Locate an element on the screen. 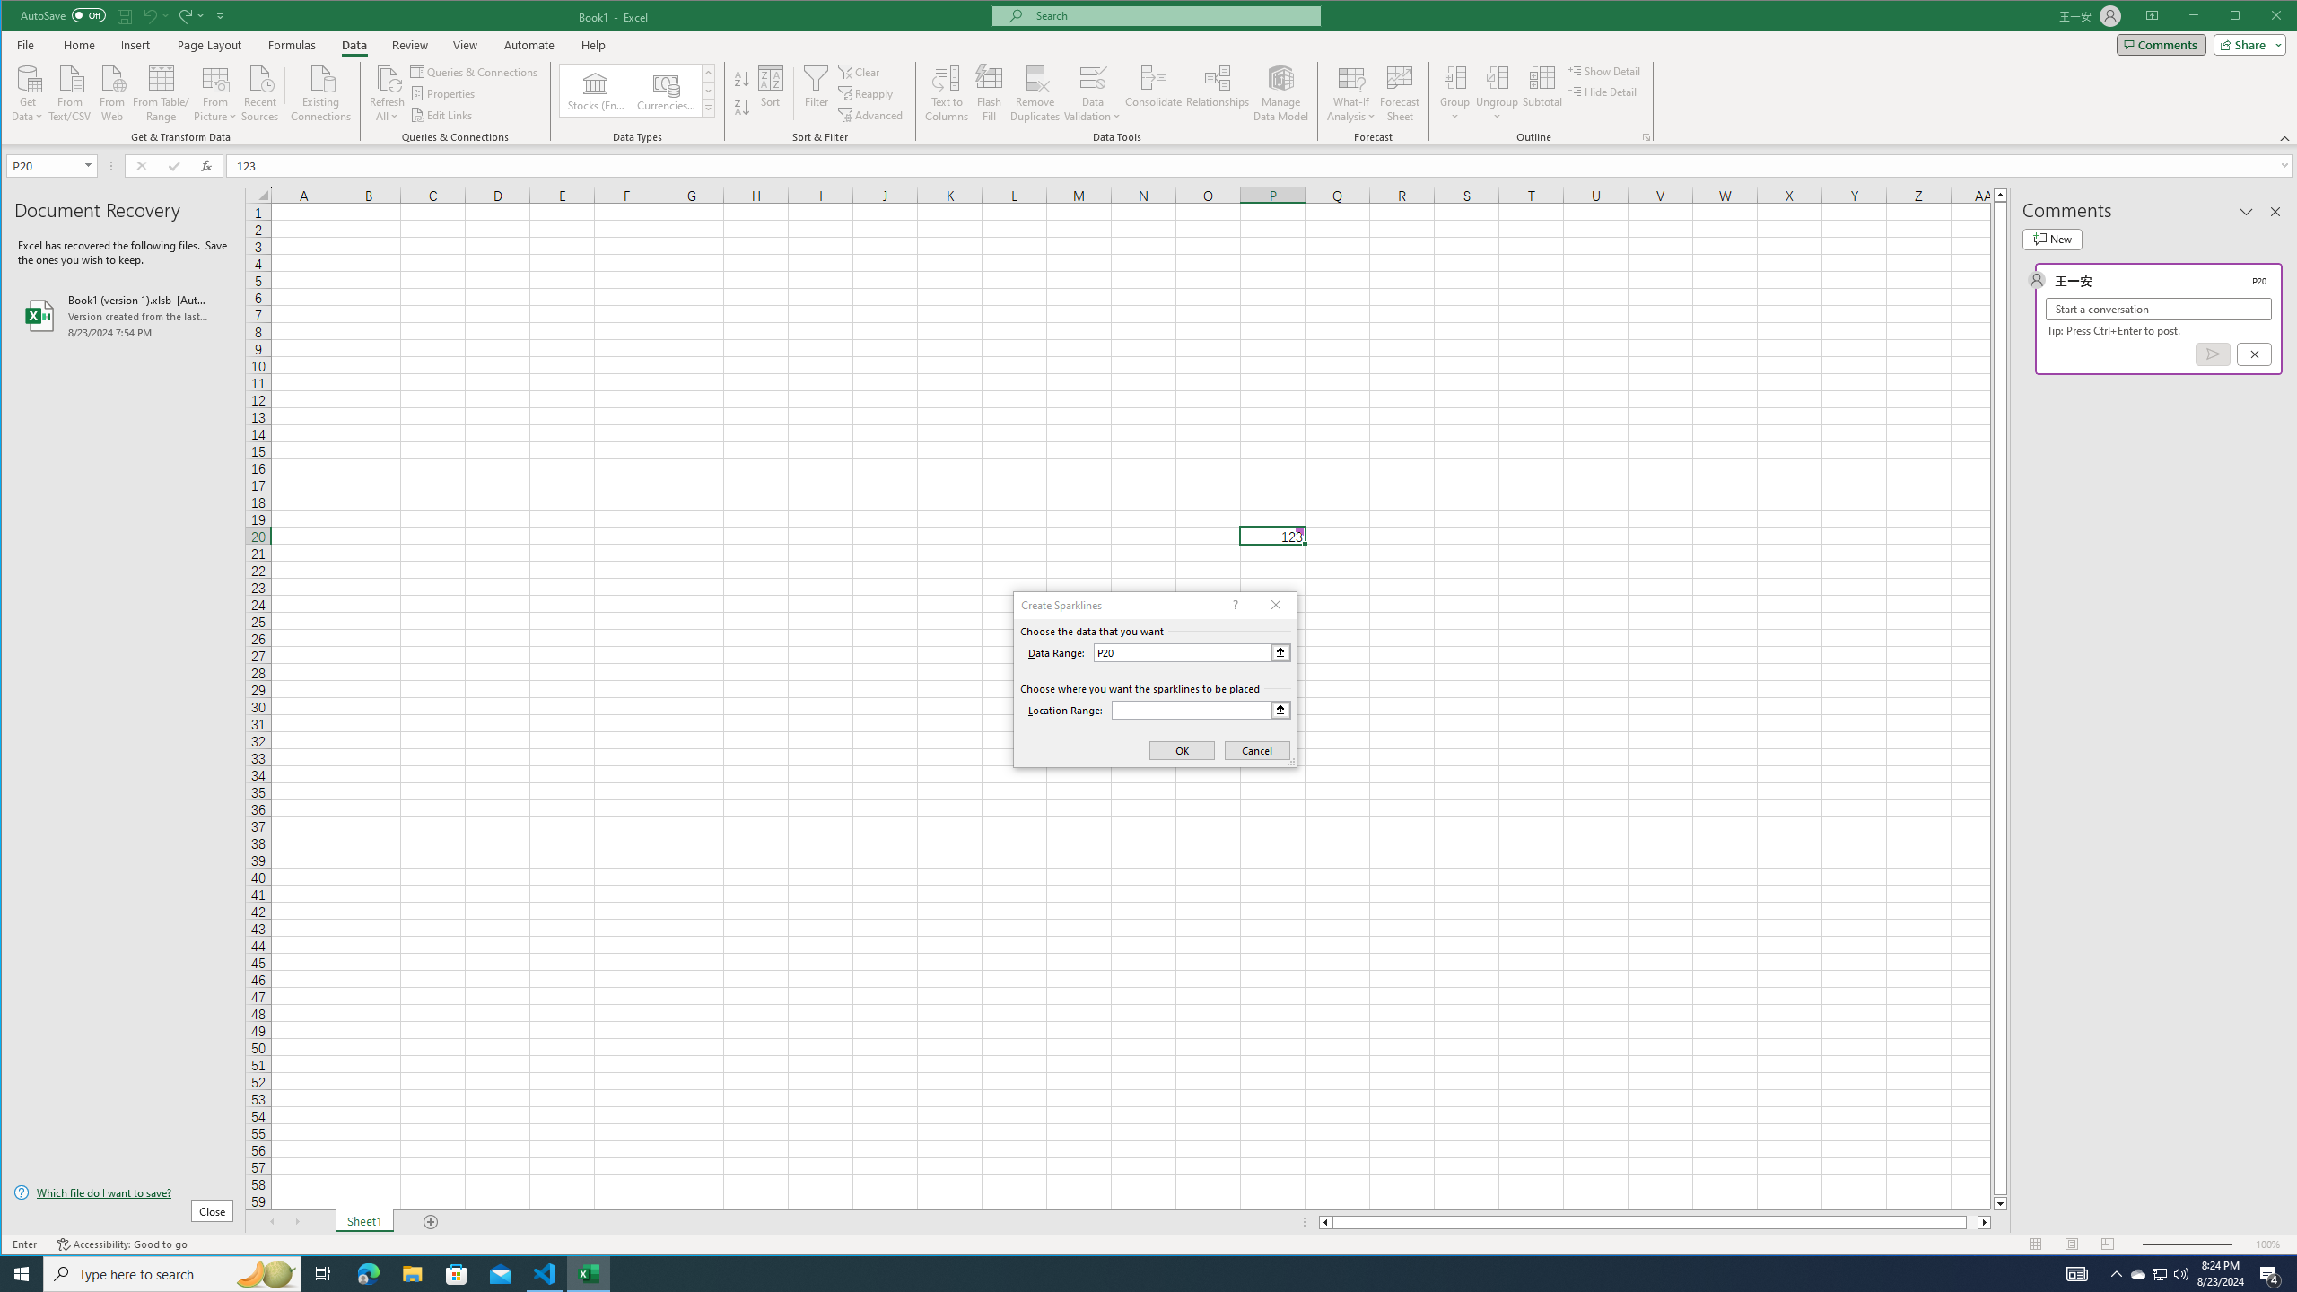 This screenshot has height=1292, width=2297. 'From Table/Range' is located at coordinates (161, 92).